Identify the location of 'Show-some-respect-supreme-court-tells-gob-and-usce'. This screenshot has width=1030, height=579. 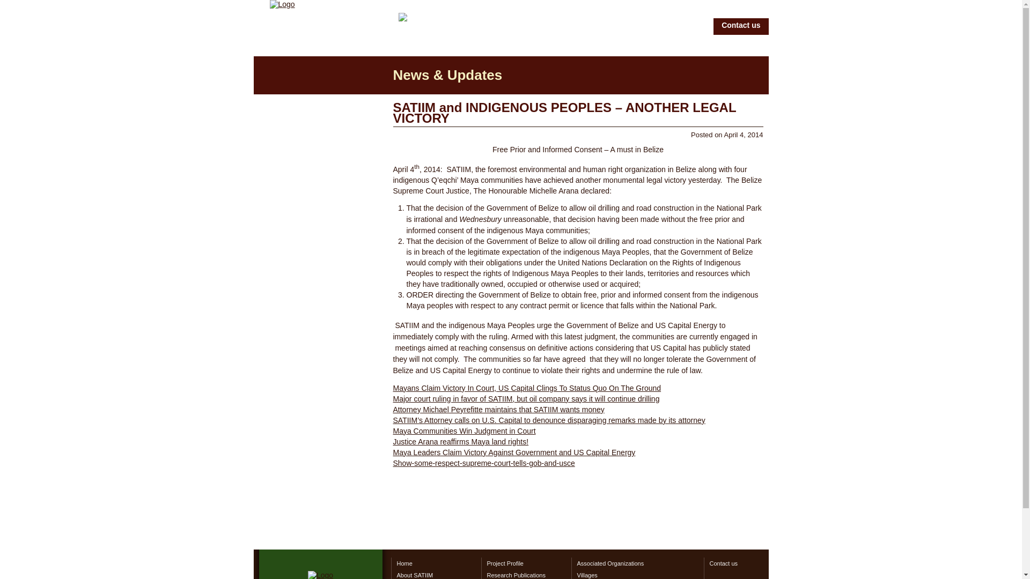
(483, 463).